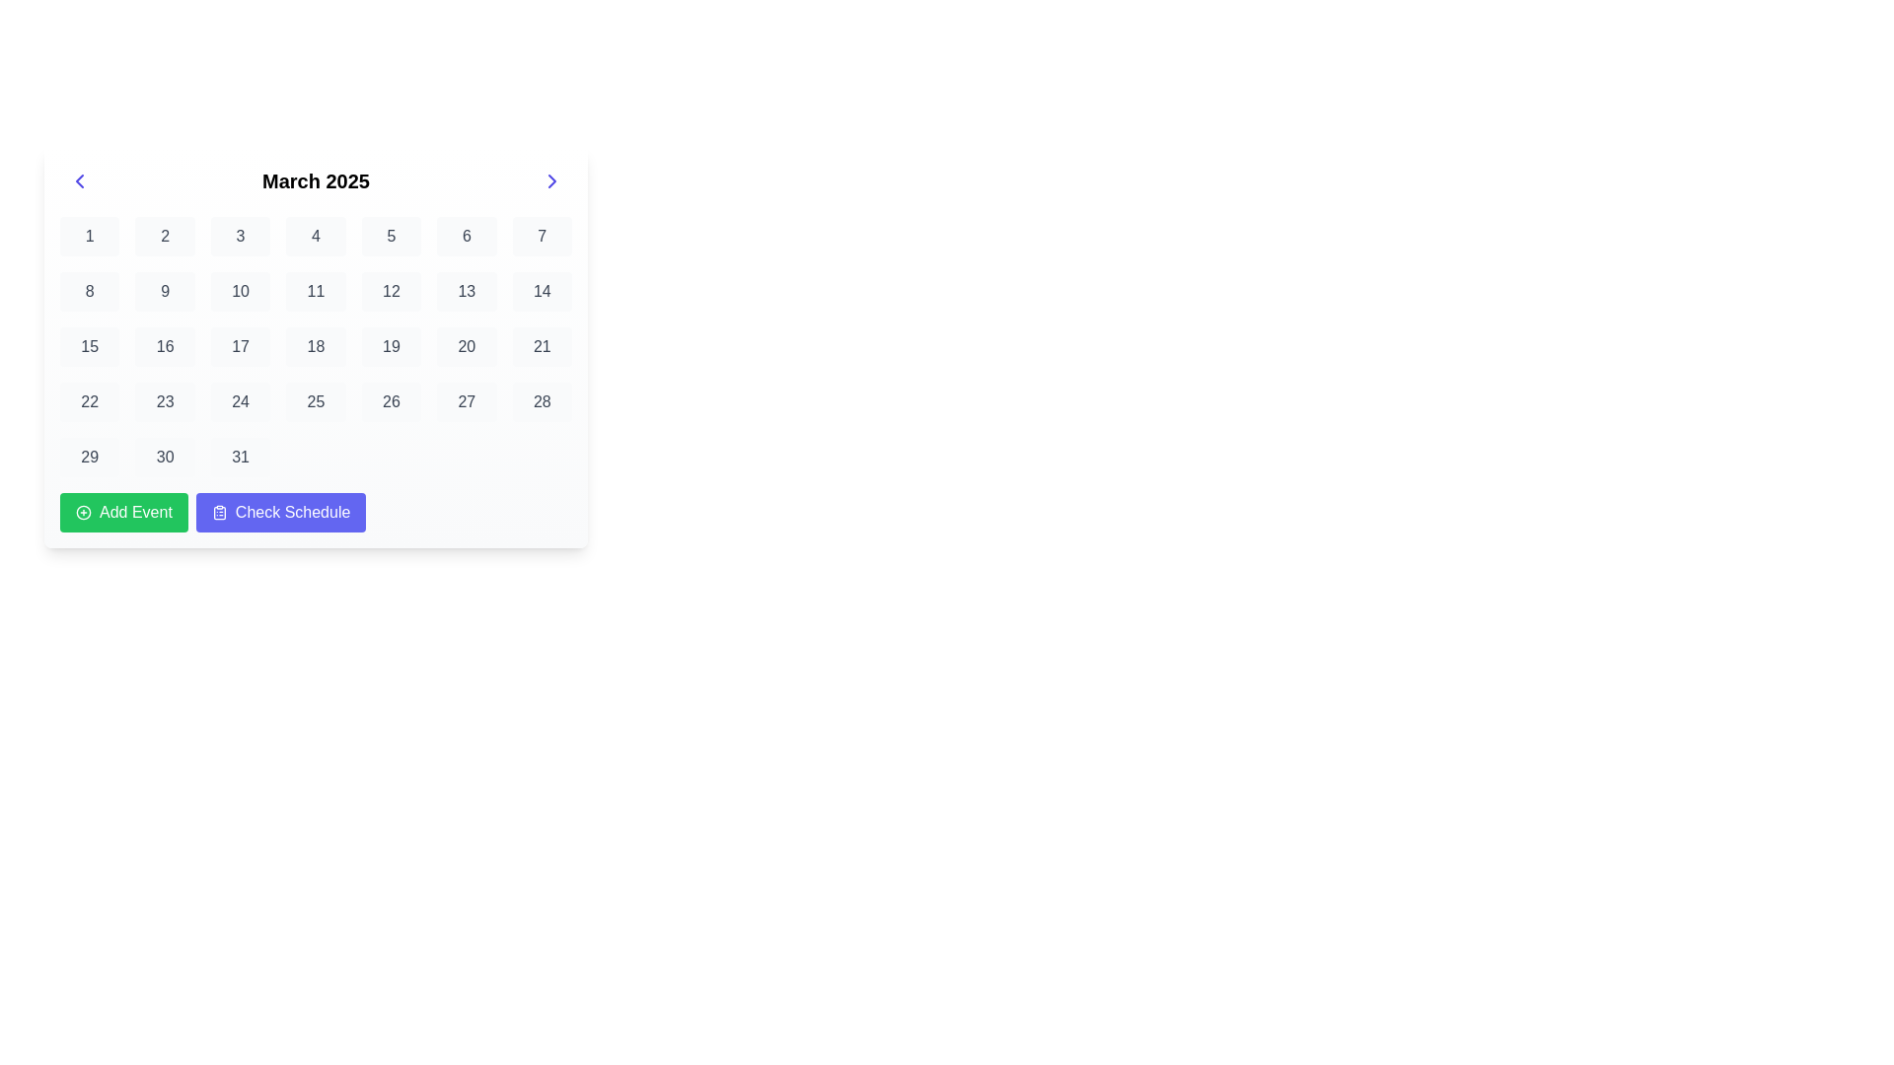  I want to click on the calendar date button representing the 26th of March 2025, so click(391, 401).